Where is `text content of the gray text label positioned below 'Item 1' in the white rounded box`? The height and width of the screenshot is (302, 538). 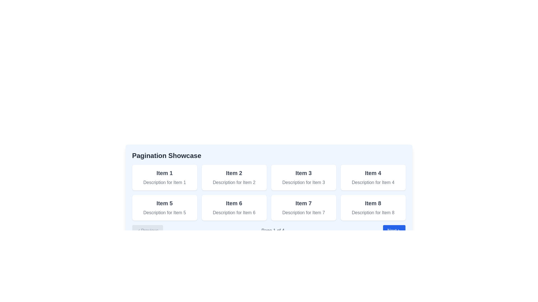 text content of the gray text label positioned below 'Item 1' in the white rounded box is located at coordinates (164, 182).